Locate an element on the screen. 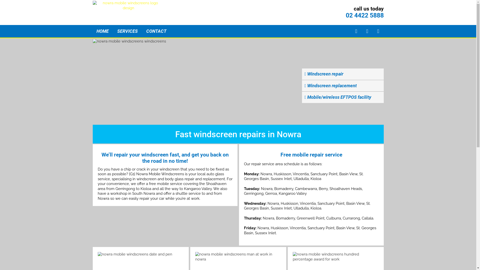 The height and width of the screenshot is (270, 480). 'SERVICES' is located at coordinates (127, 31).